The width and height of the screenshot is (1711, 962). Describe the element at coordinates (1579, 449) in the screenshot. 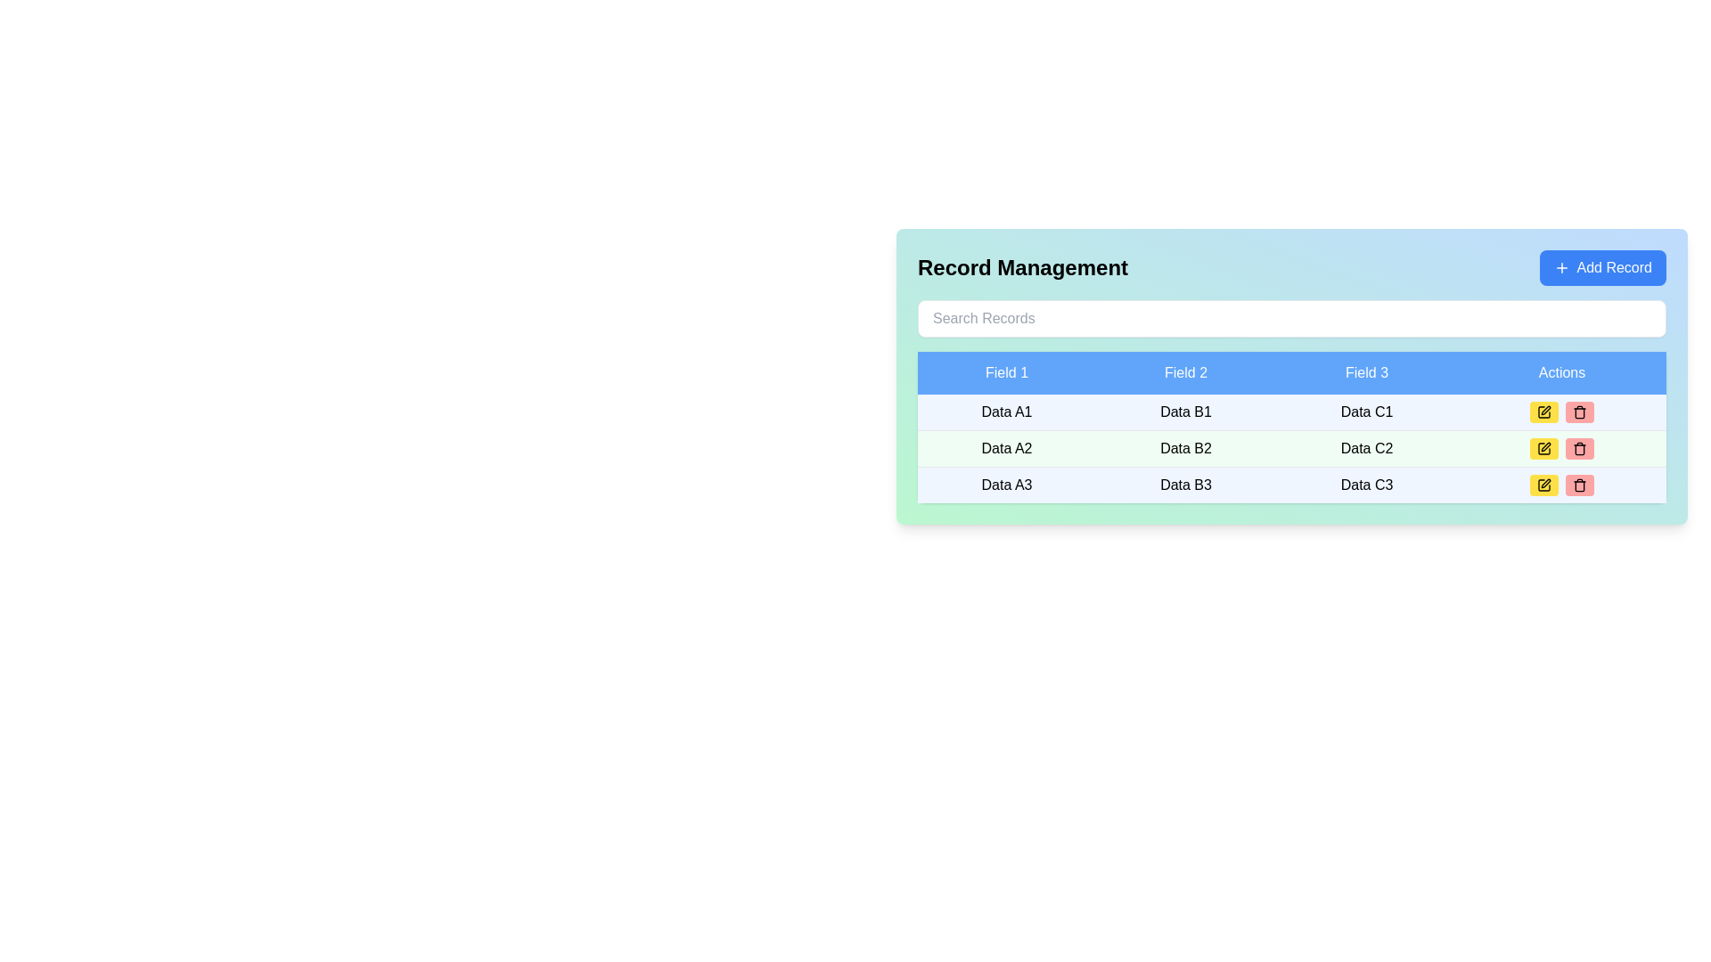

I see `the trash can icon in the Actions column of the data table` at that location.